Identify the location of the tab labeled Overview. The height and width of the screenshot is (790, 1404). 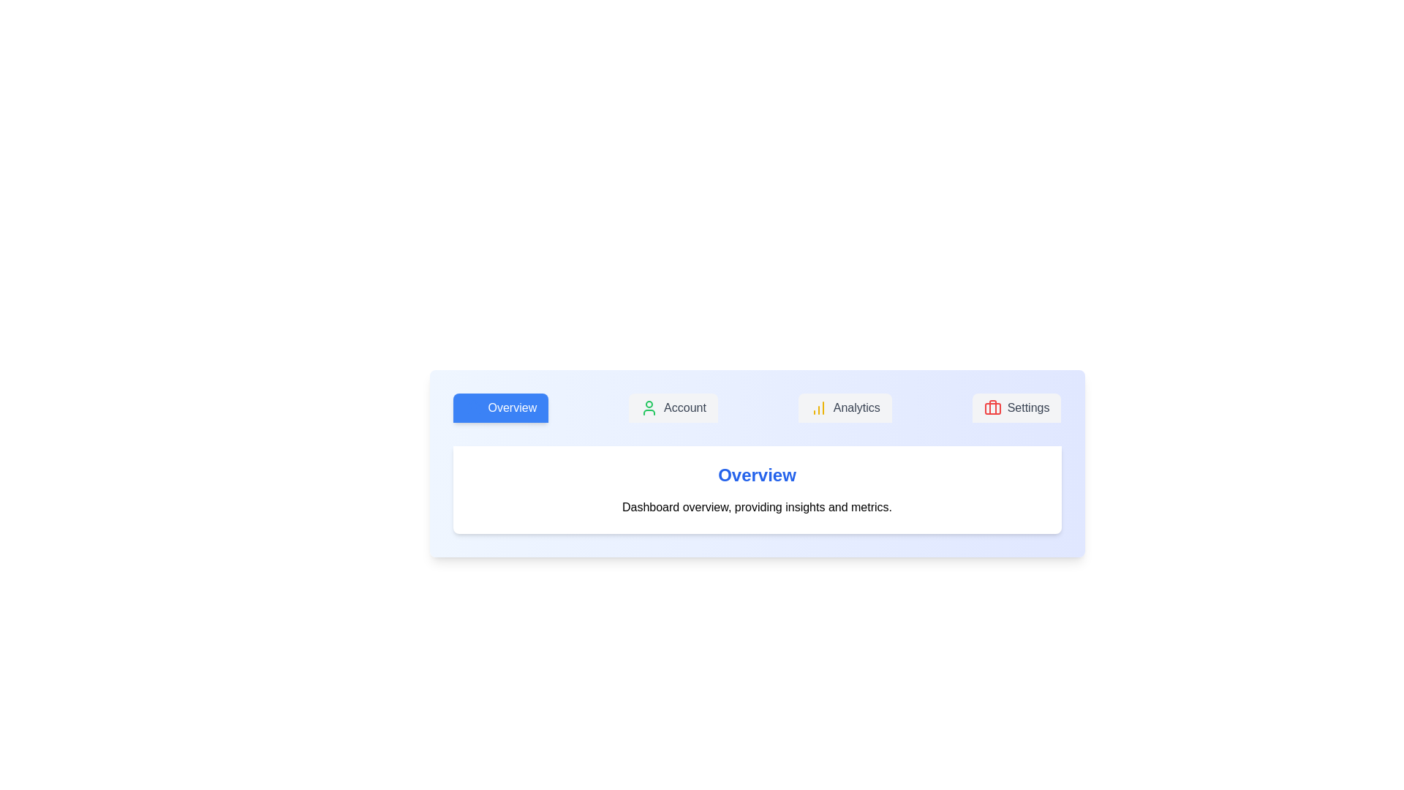
(500, 408).